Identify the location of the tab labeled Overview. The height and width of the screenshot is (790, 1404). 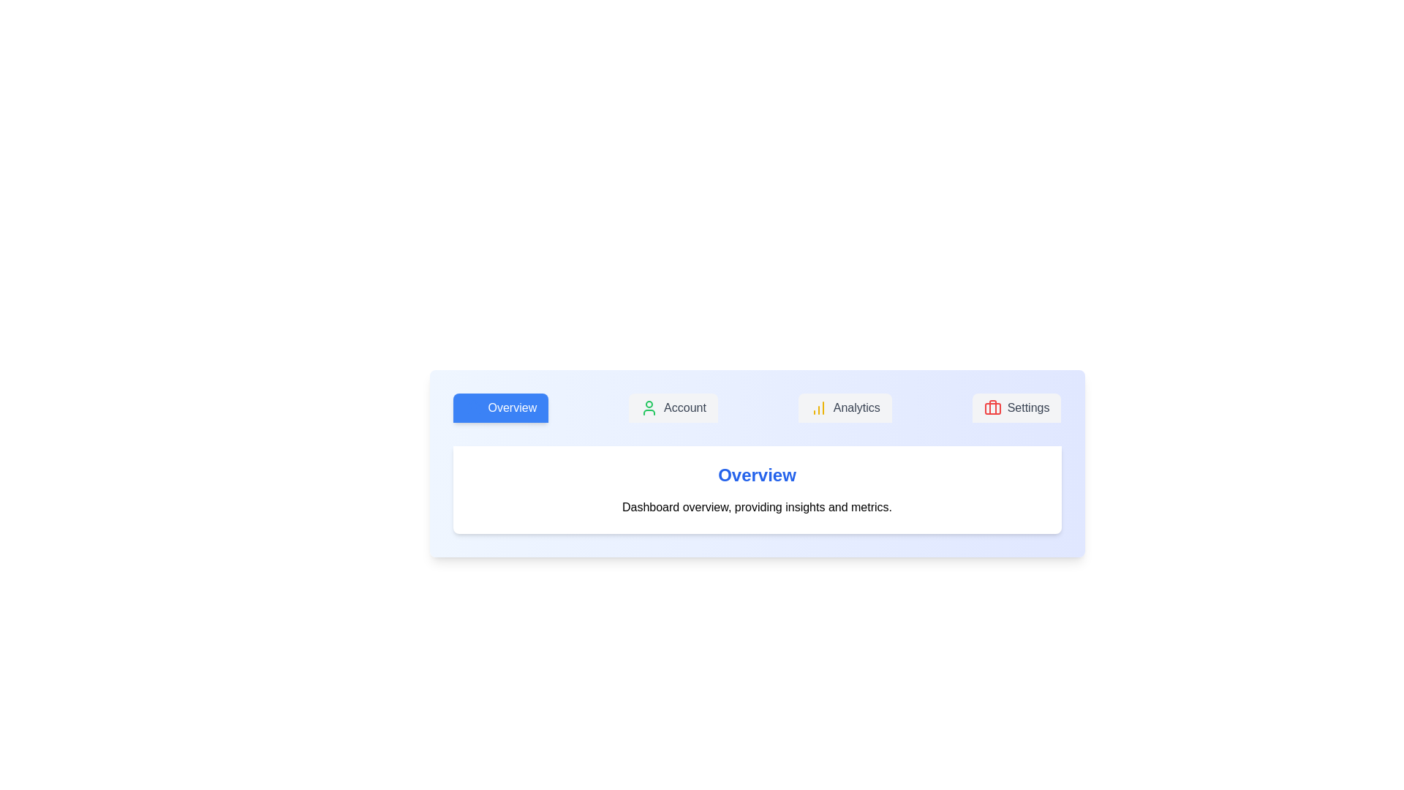
(500, 408).